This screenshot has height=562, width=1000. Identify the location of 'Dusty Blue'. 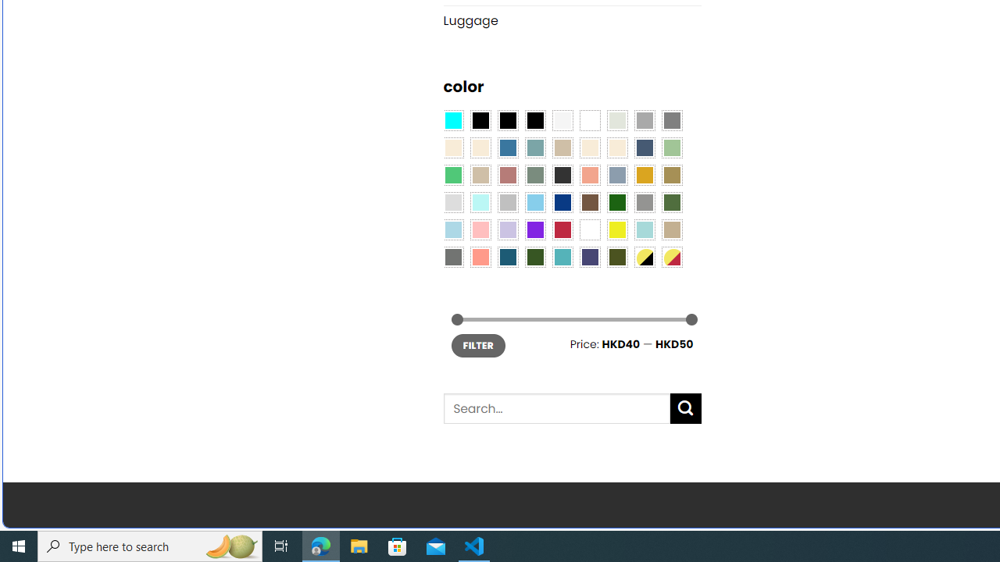
(616, 176).